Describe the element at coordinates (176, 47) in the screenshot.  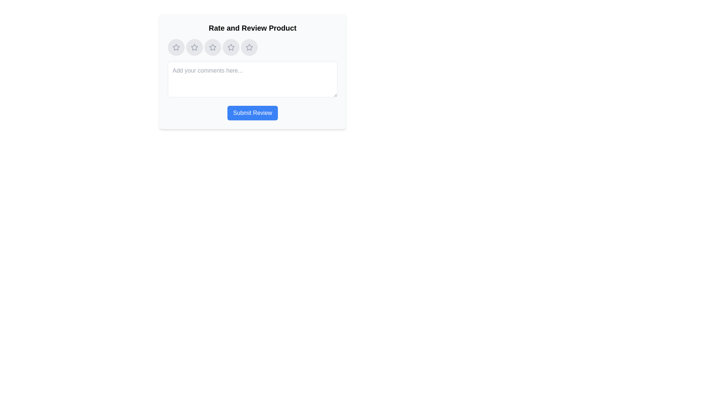
I see `the first grey star-shaped icon` at that location.